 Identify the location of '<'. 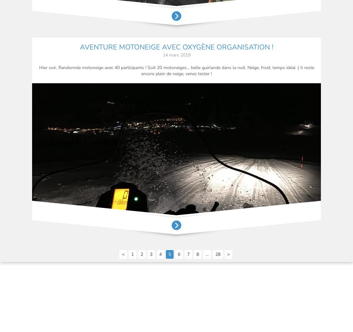
(123, 254).